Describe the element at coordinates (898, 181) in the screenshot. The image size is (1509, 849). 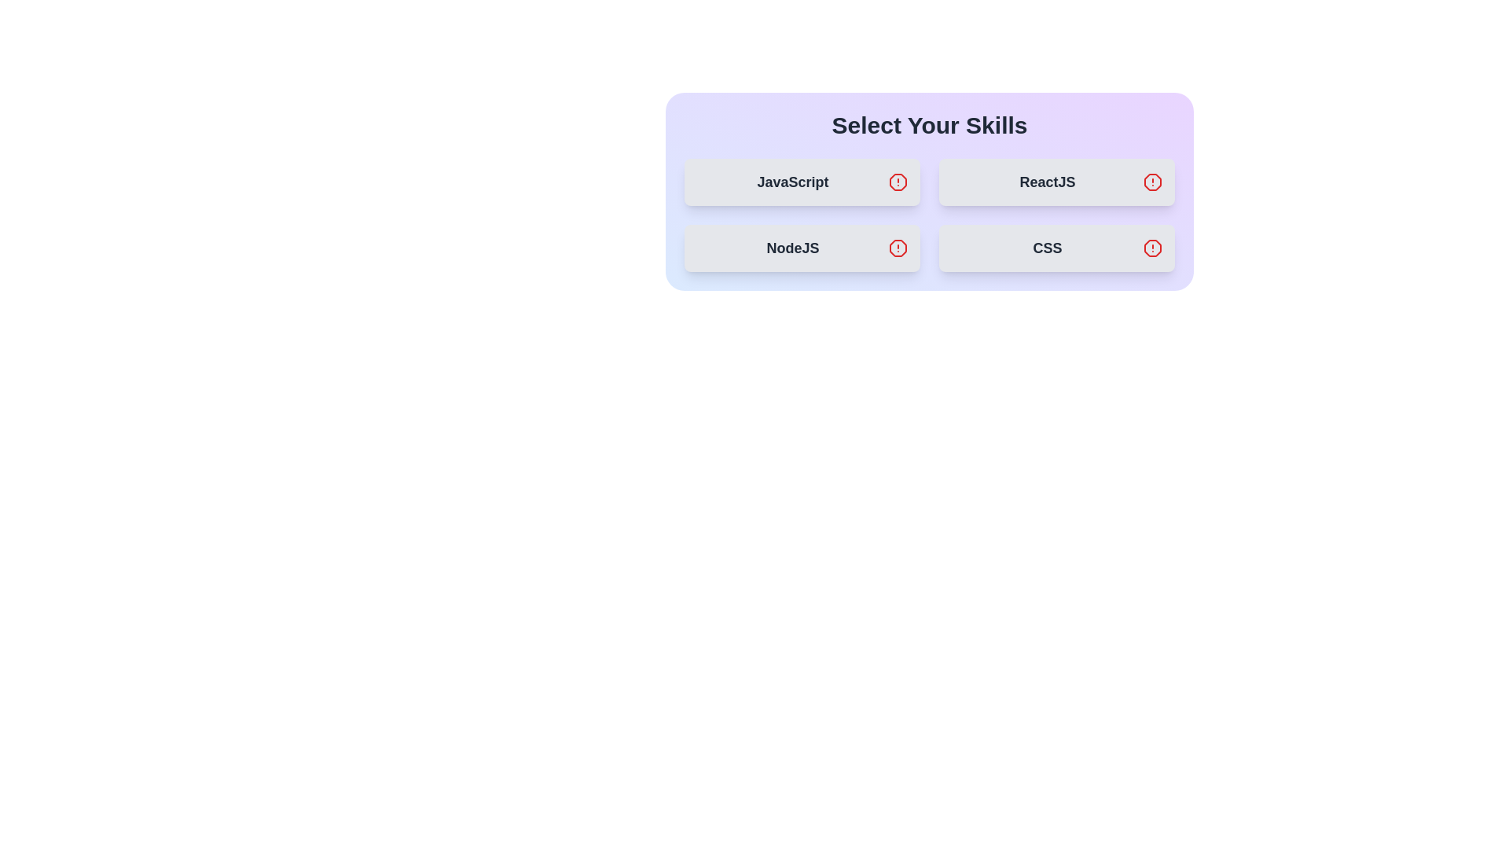
I see `the icon associated with the skill JavaScript` at that location.